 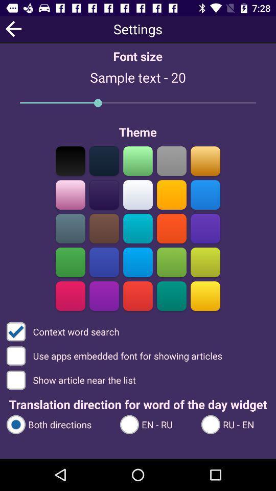 I want to click on the color of your text, so click(x=171, y=194).